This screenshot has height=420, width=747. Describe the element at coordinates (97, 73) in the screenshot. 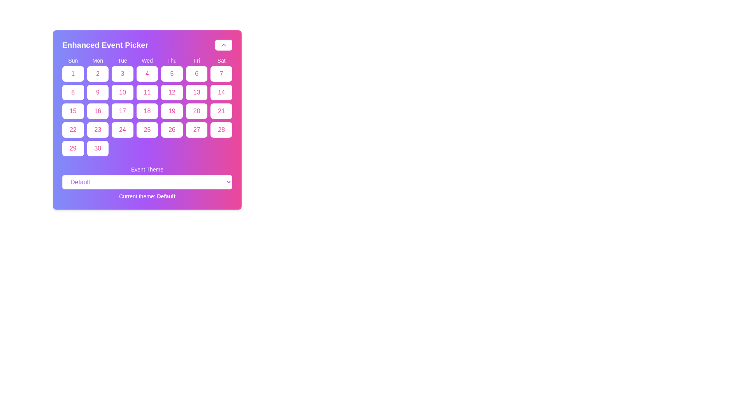

I see `the button displaying the number '2'` at that location.